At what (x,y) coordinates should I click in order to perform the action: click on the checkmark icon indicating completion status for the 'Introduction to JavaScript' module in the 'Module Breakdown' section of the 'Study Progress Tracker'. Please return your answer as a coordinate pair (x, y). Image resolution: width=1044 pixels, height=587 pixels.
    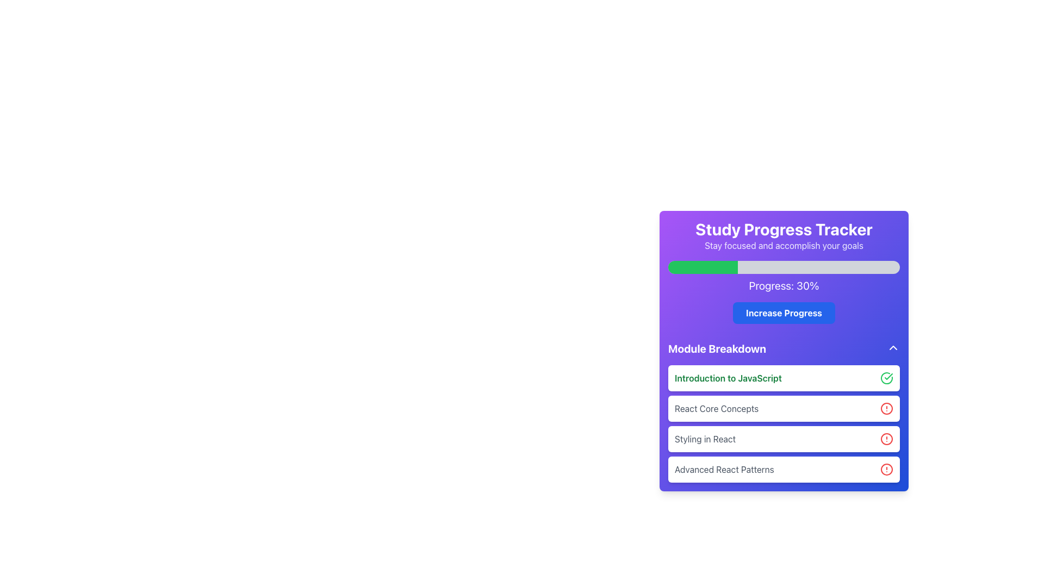
    Looking at the image, I should click on (888, 376).